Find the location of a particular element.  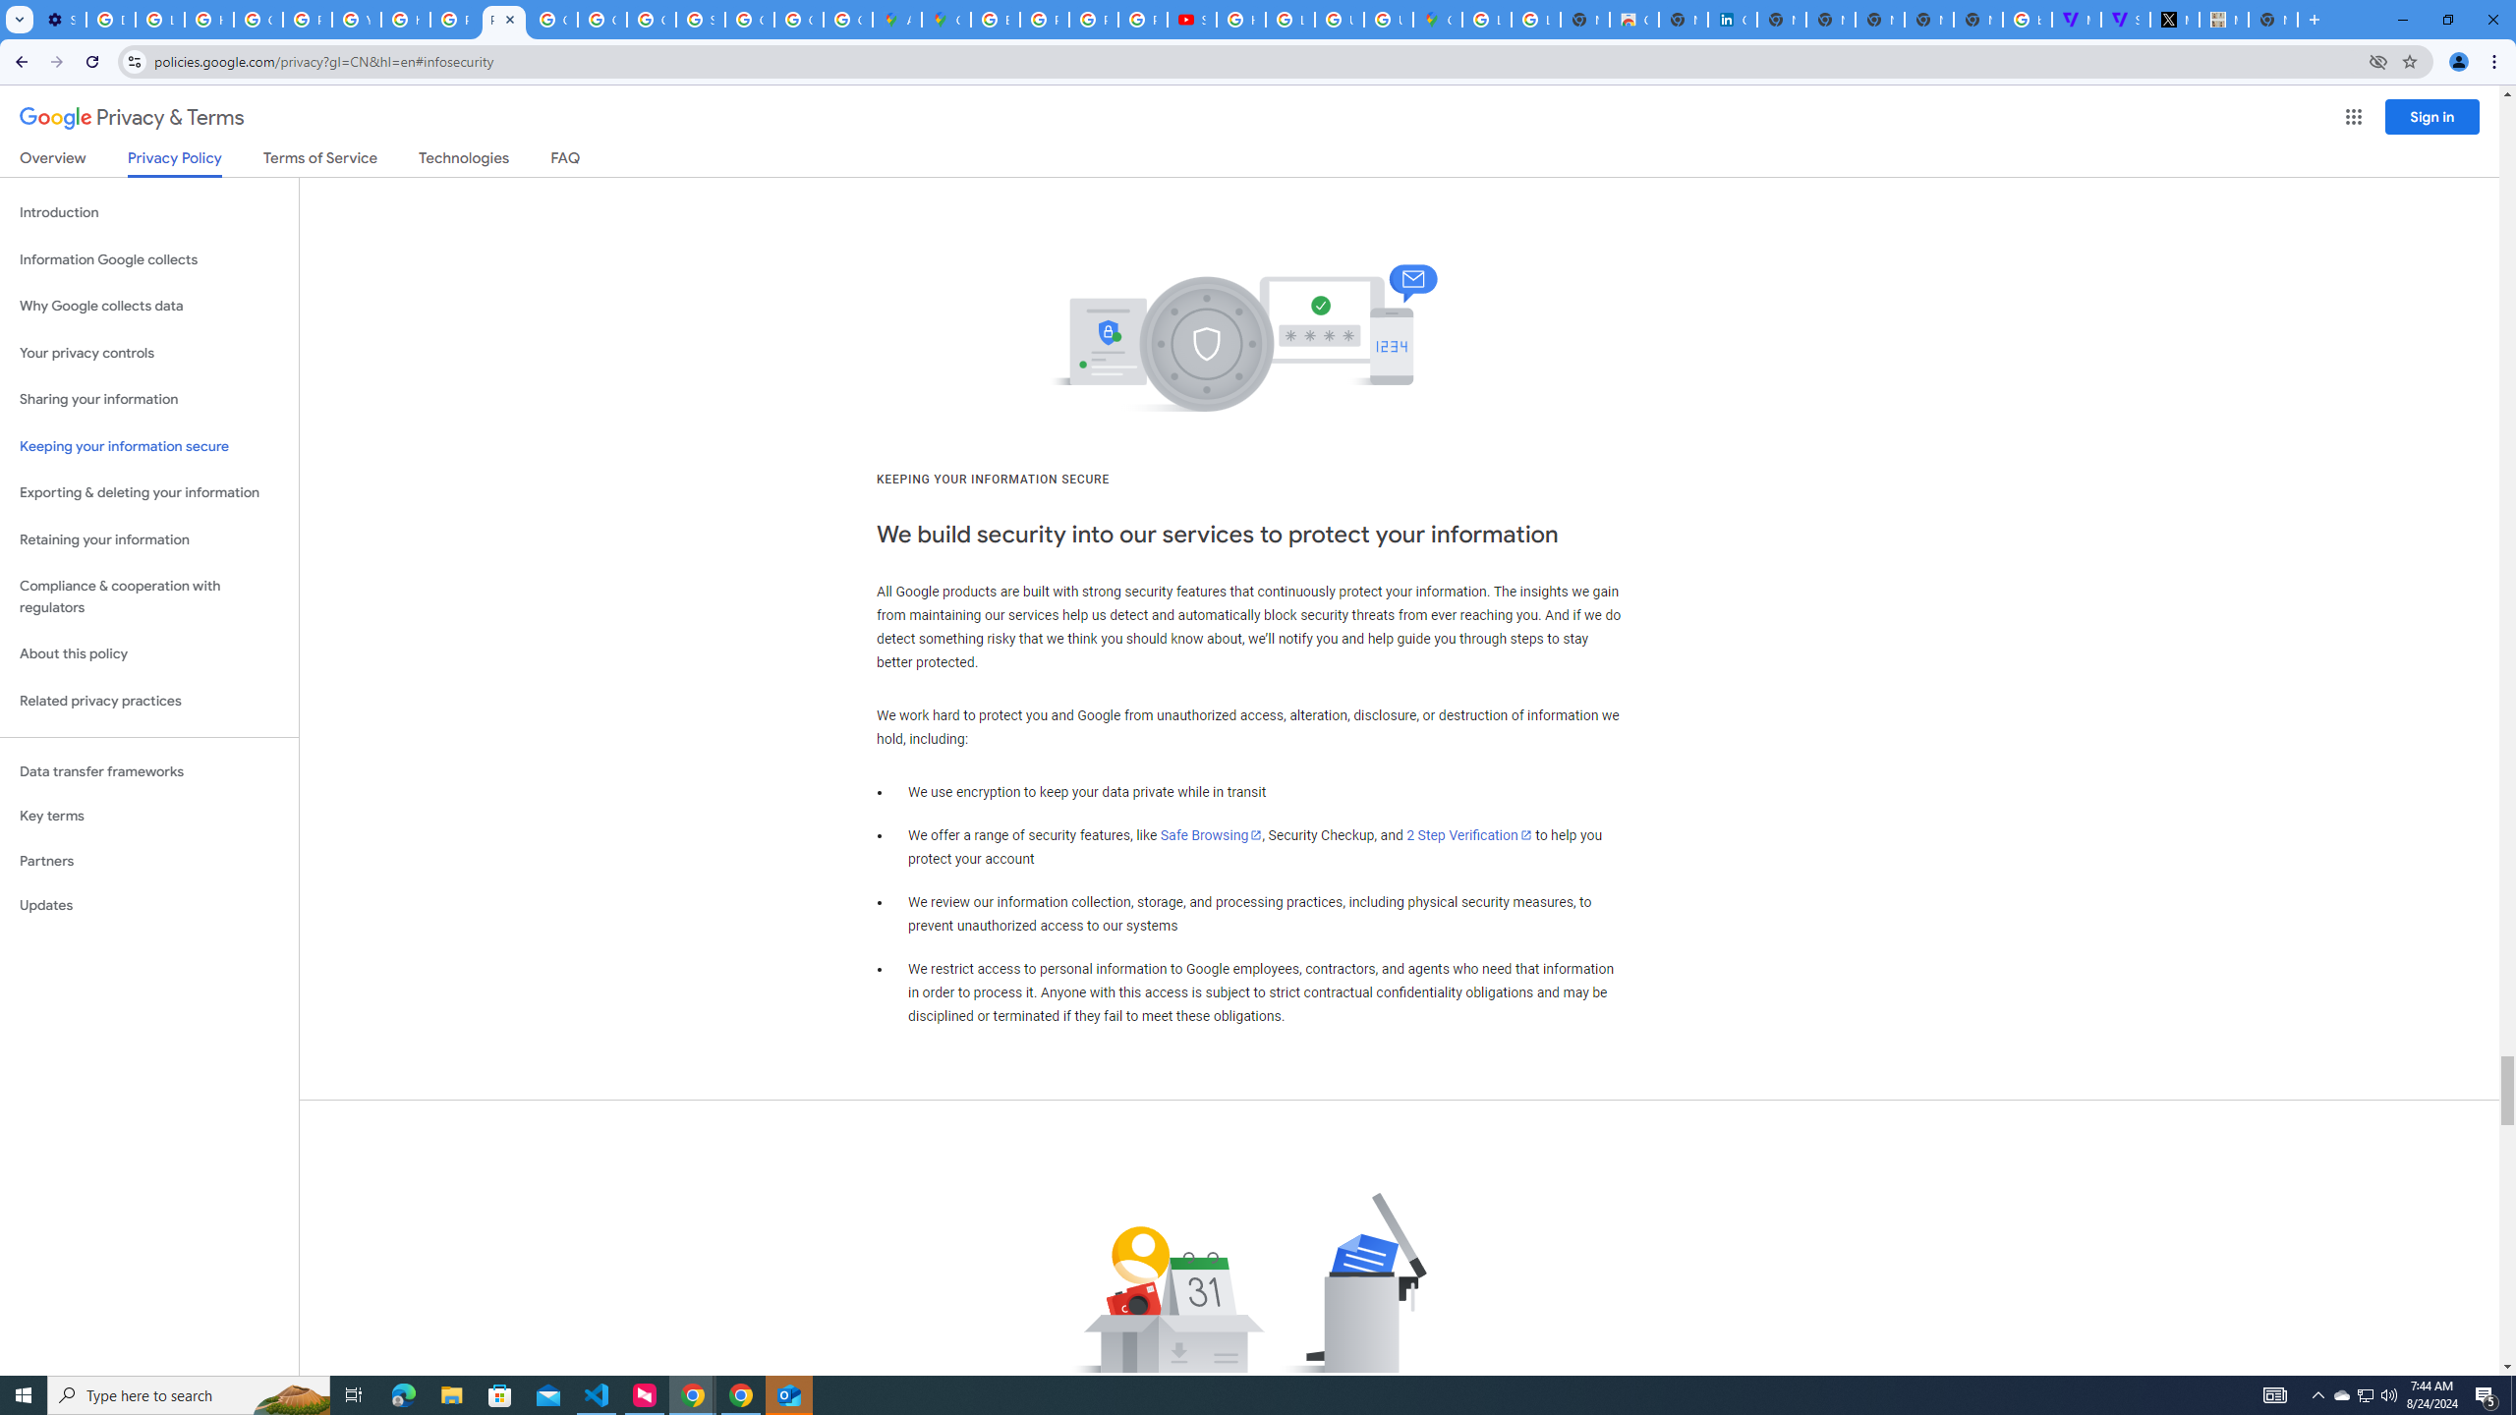

'Data transfer frameworks' is located at coordinates (148, 771).